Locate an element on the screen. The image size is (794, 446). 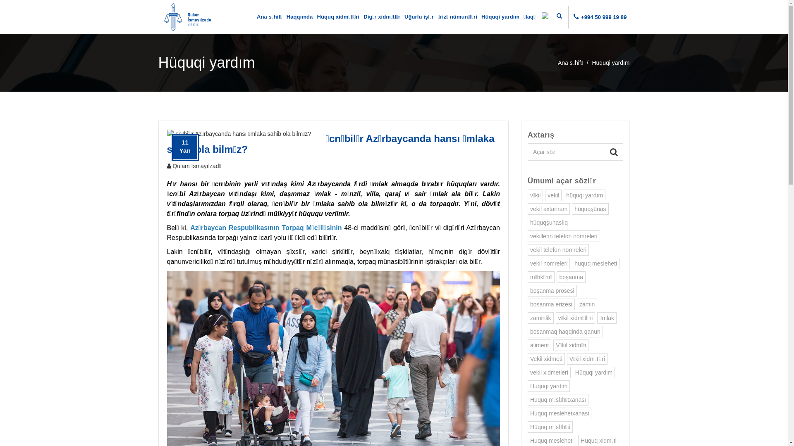
'vekil telefon nomreleri' is located at coordinates (527, 249).